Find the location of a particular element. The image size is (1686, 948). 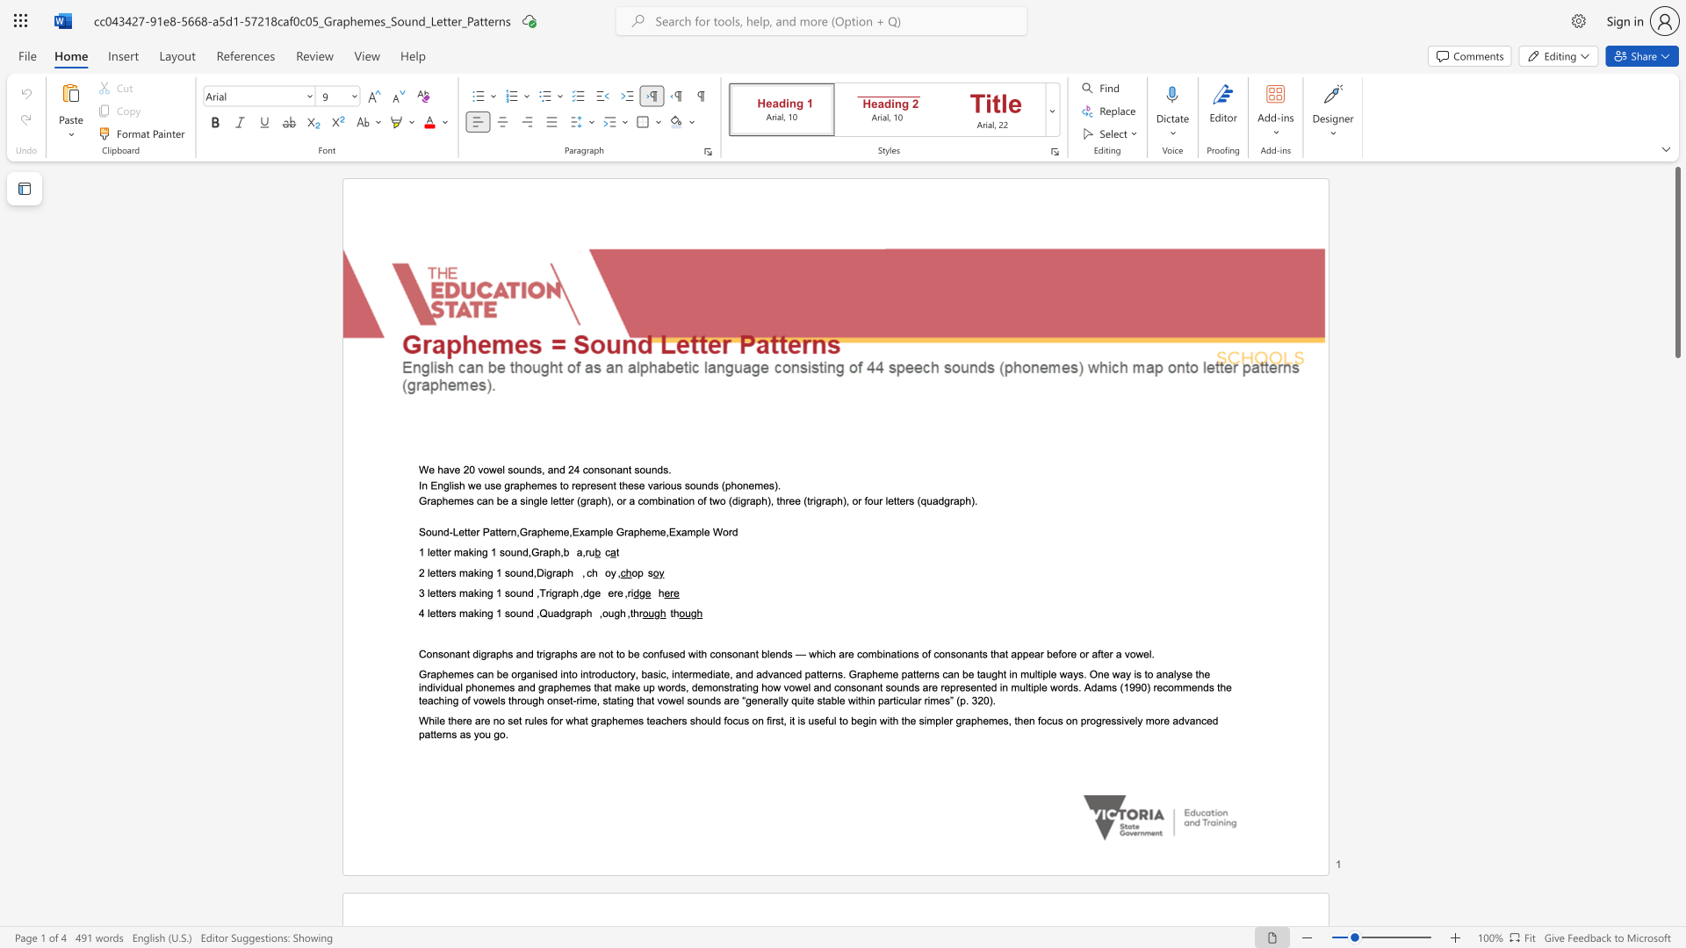

the scrollbar to slide the page down is located at coordinates (1676, 720).